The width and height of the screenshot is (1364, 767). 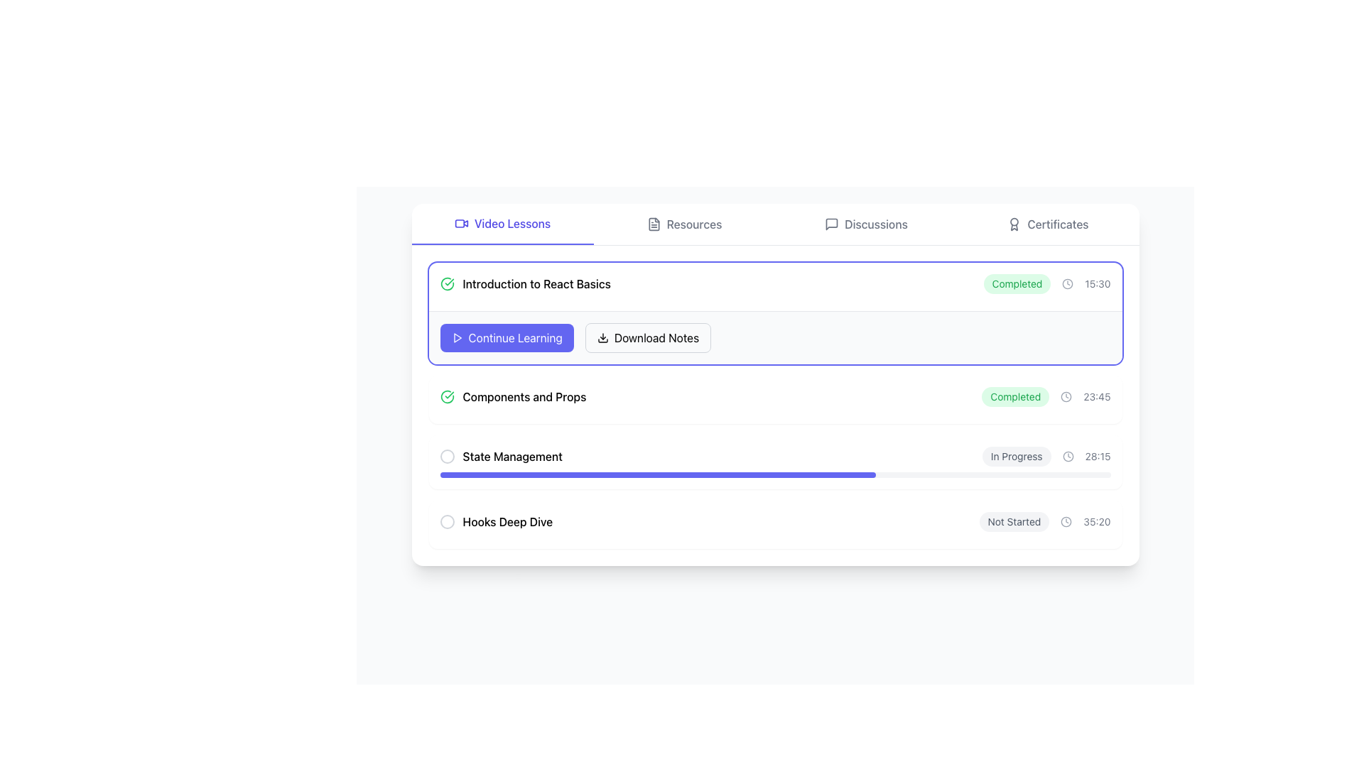 I want to click on the circular icon with a green border and a checkmark inside, located to the left of the text 'Components and Props' in the second list item to indicate completion status, so click(x=446, y=397).